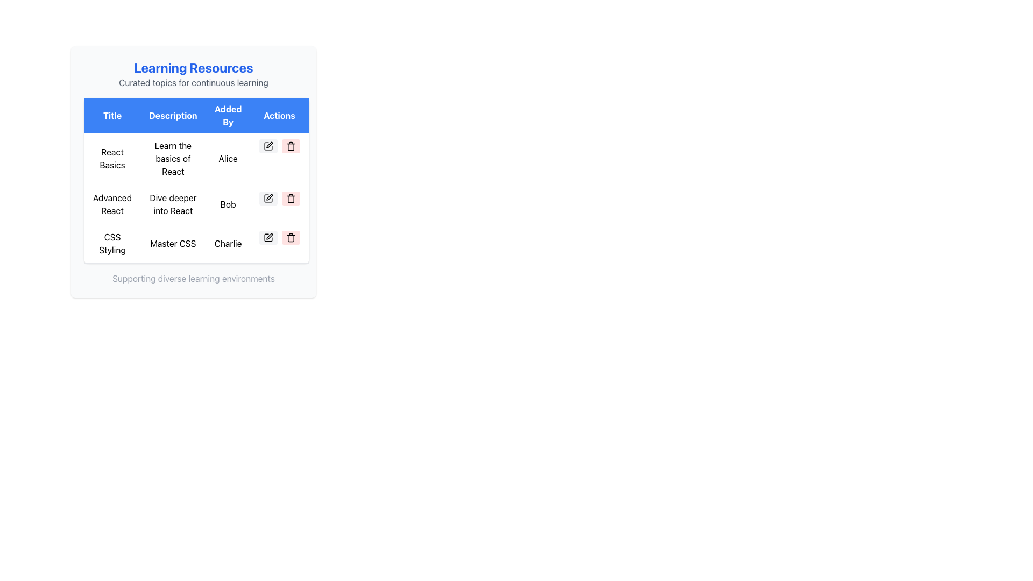  Describe the element at coordinates (268, 146) in the screenshot. I see `the 'edit' button located in the first row of the 'Actions' column in the 'Learning Resources' card` at that location.